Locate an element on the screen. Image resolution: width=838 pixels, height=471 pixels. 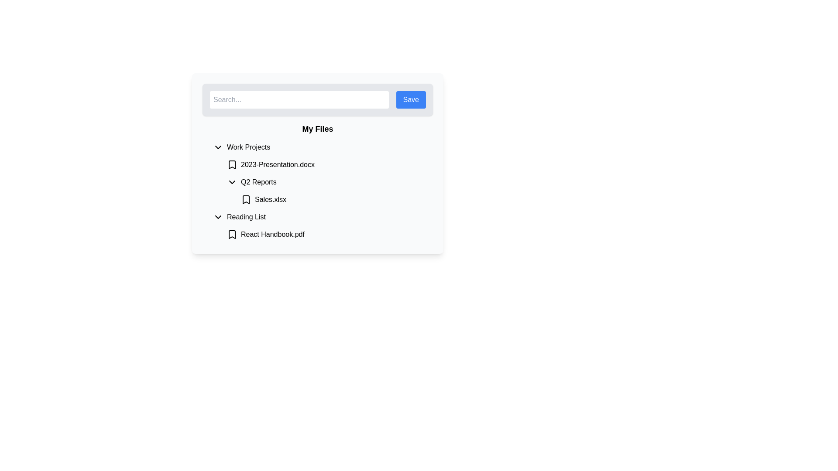
the text label displaying the filename '2023-Presentation.docx' located under the 'Work Projects' section is located at coordinates (277, 165).